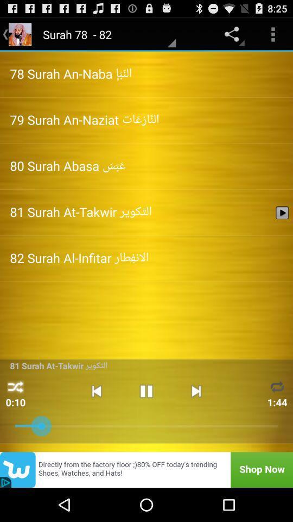 The image size is (293, 522). I want to click on the skip_previous icon, so click(96, 418).